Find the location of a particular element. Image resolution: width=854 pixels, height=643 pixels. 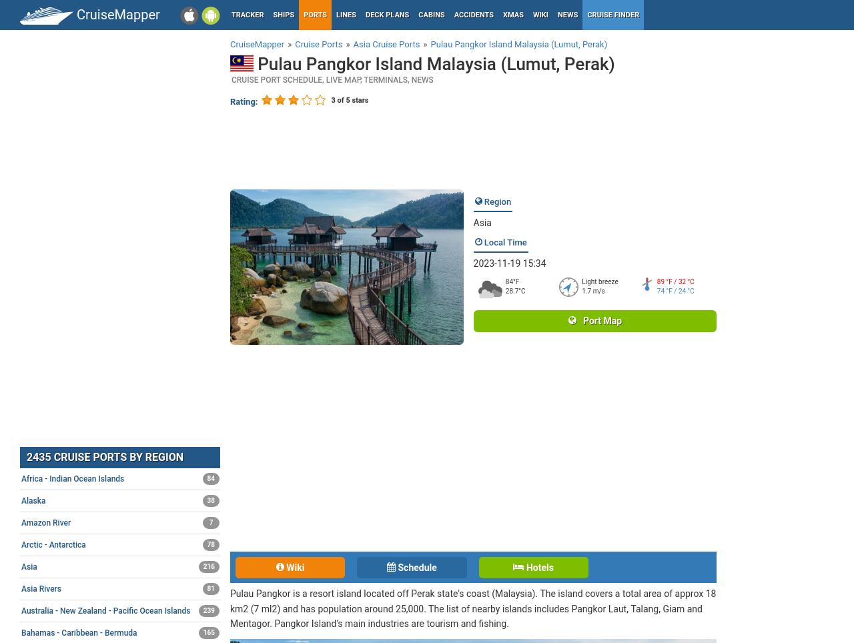

'Asia Rivers' is located at coordinates (41, 588).